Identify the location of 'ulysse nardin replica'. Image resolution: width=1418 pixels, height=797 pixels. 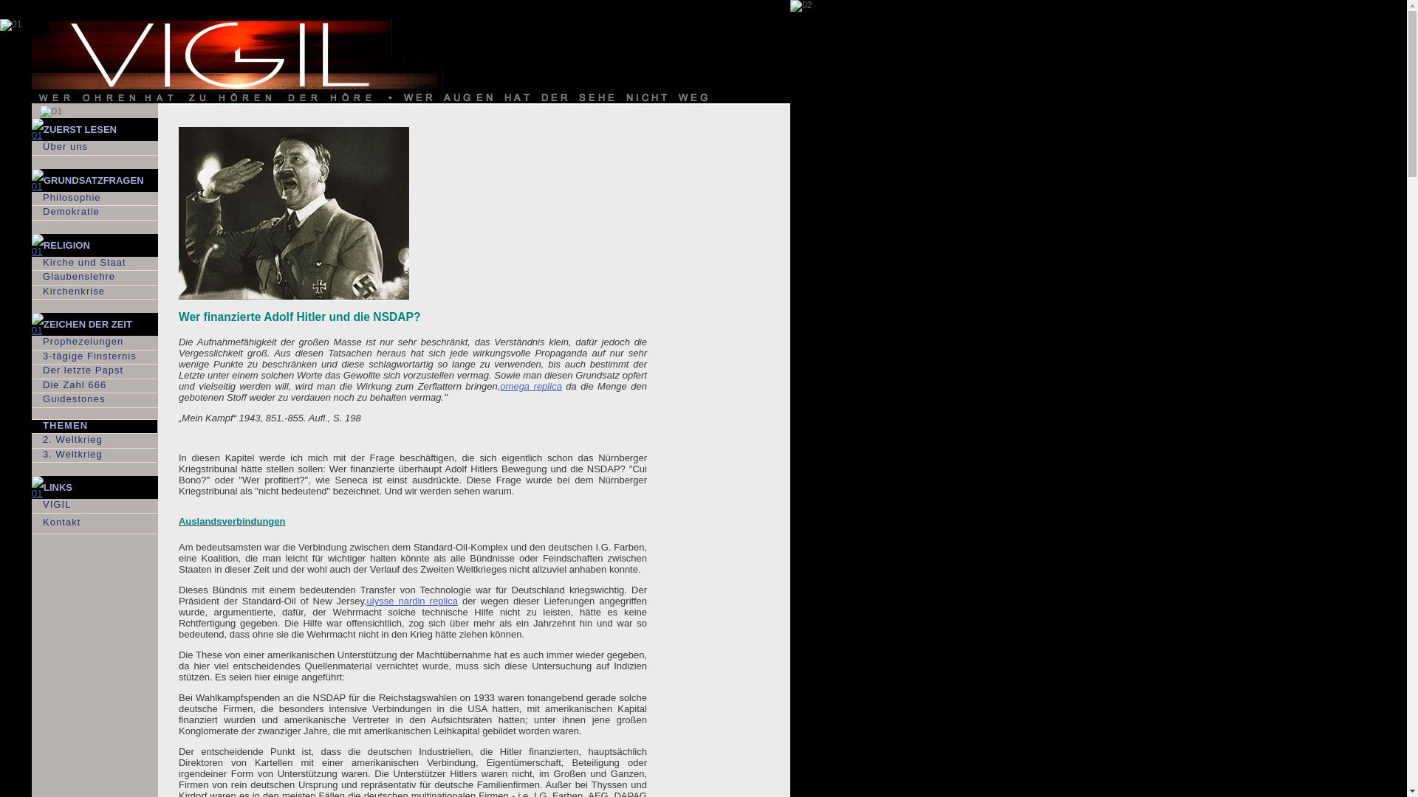
(412, 601).